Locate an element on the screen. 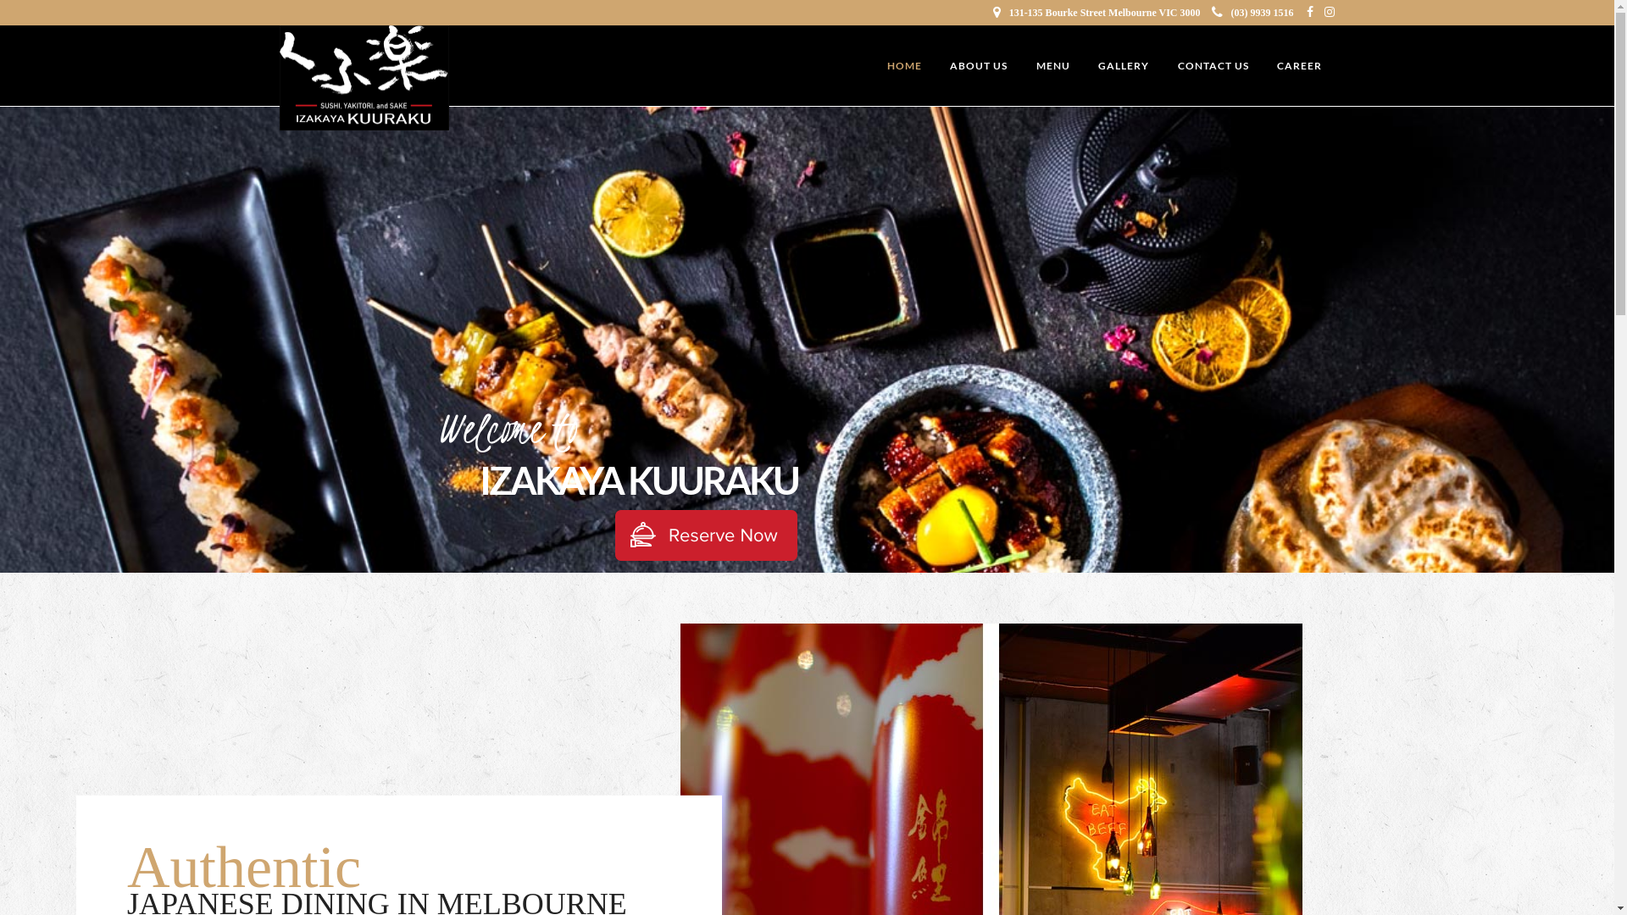 The width and height of the screenshot is (1627, 915). 'HOME' is located at coordinates (903, 65).